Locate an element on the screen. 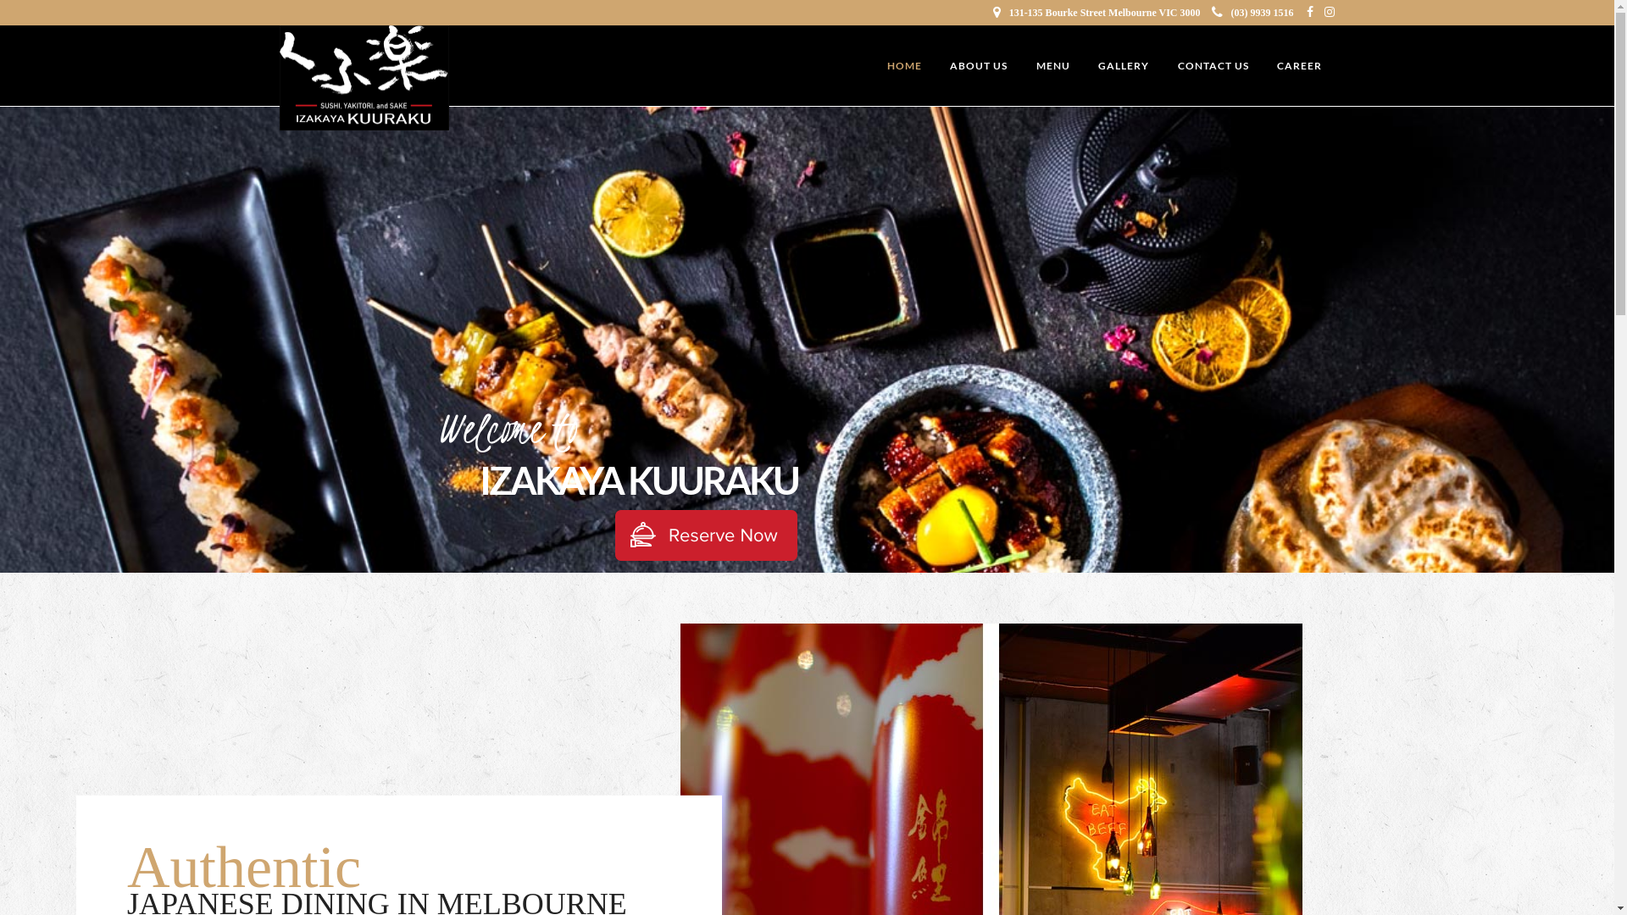 The width and height of the screenshot is (1627, 915). 'HOME' is located at coordinates (903, 65).